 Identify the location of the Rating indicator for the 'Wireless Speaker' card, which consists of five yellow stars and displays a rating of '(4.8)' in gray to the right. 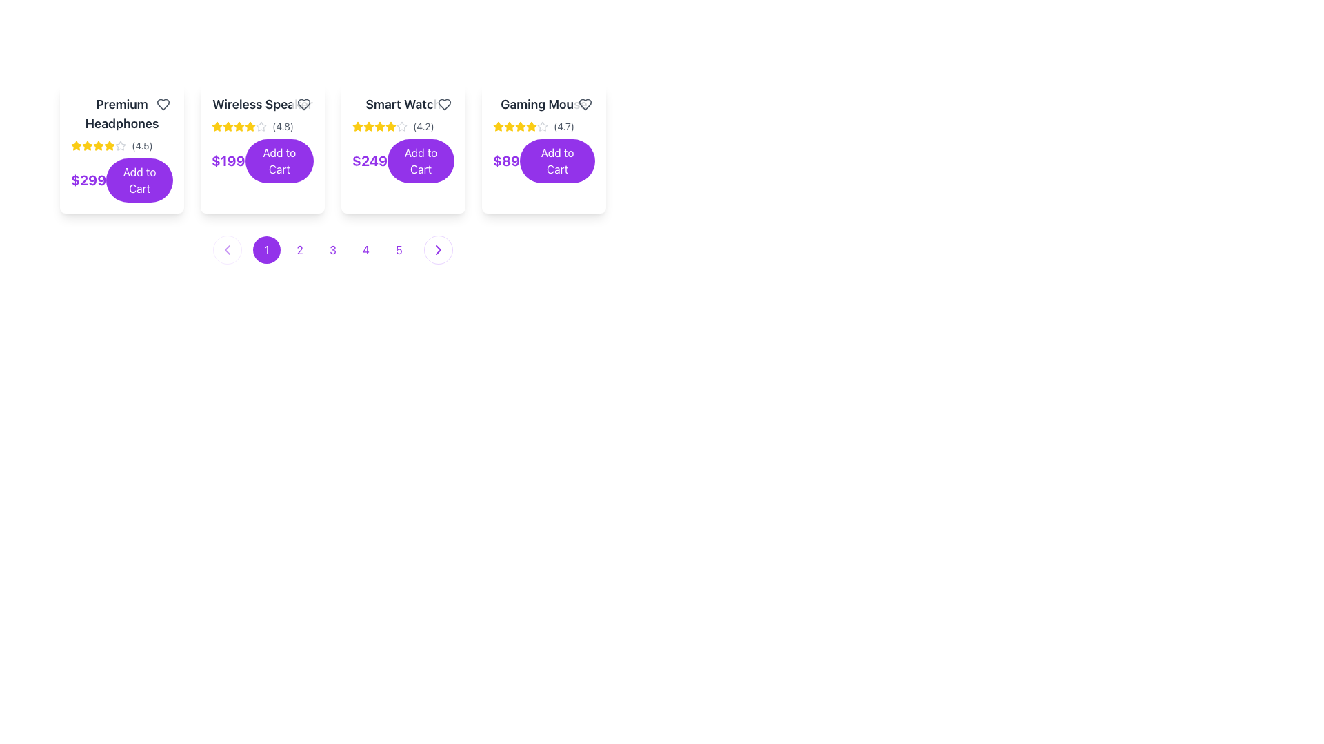
(262, 127).